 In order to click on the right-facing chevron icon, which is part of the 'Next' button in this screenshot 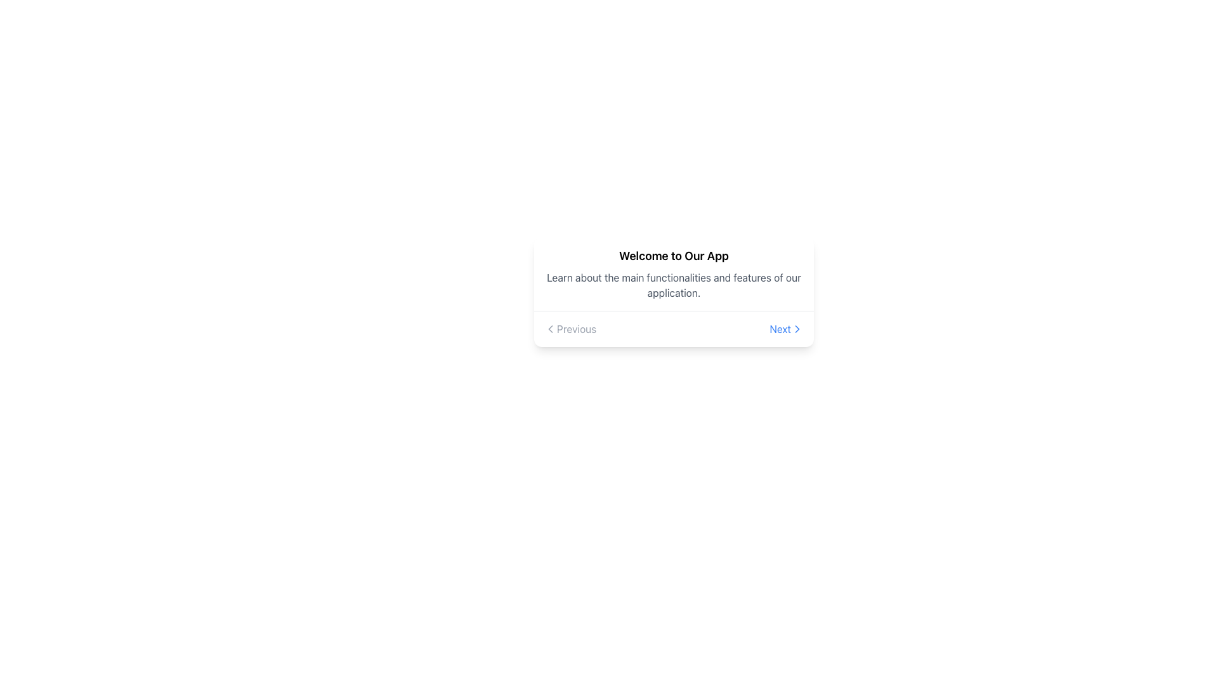, I will do `click(797, 329)`.